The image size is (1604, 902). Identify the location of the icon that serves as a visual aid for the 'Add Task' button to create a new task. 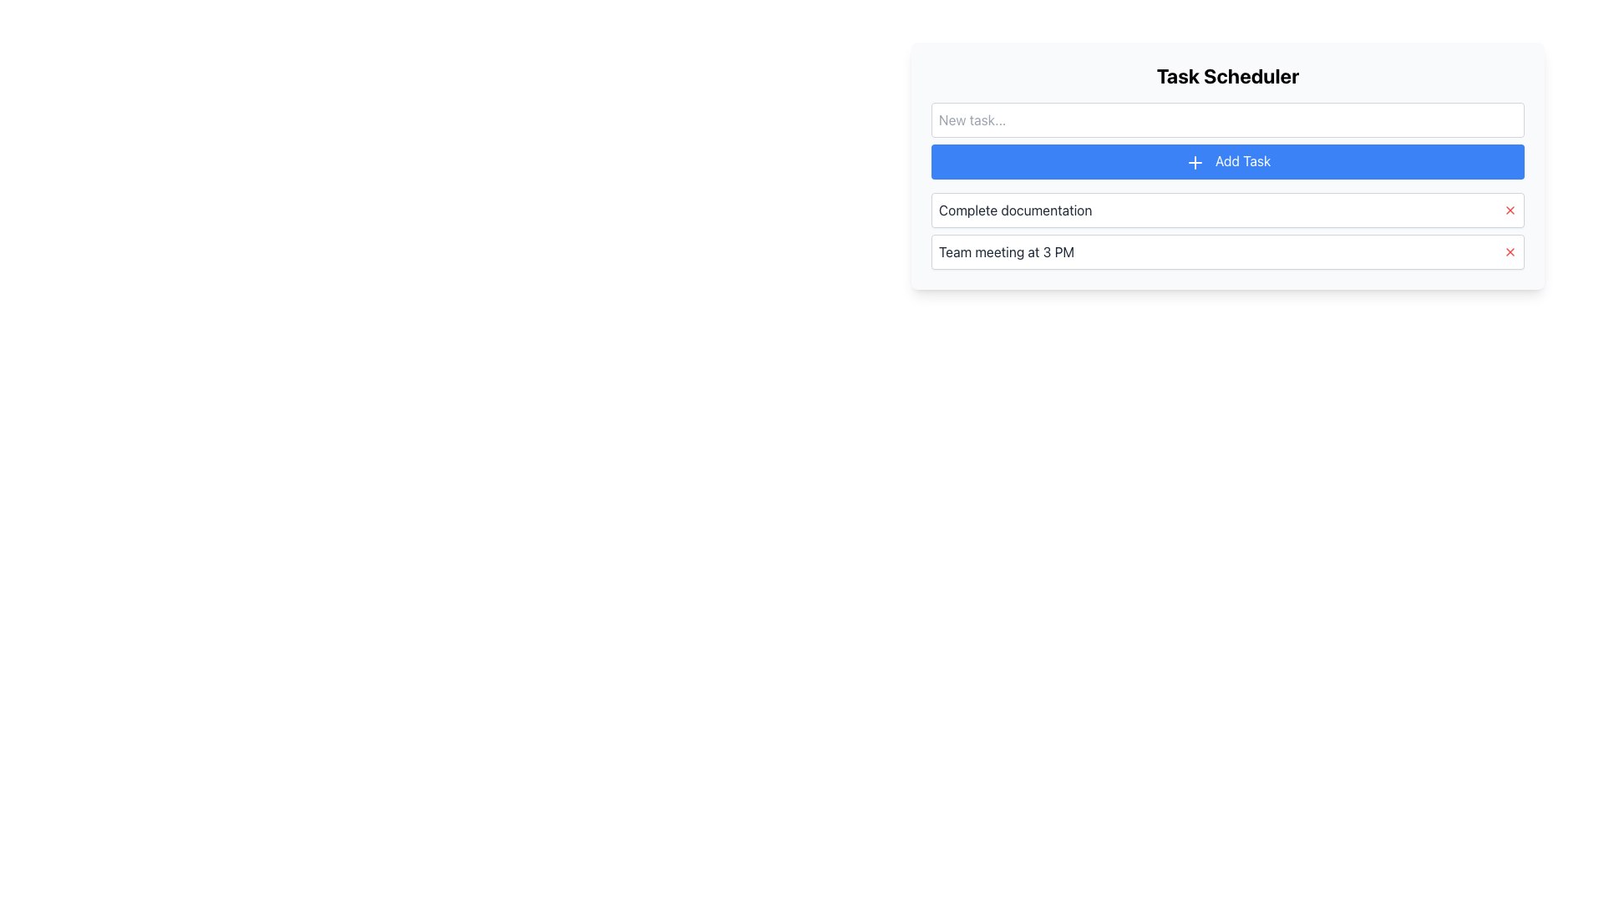
(1194, 162).